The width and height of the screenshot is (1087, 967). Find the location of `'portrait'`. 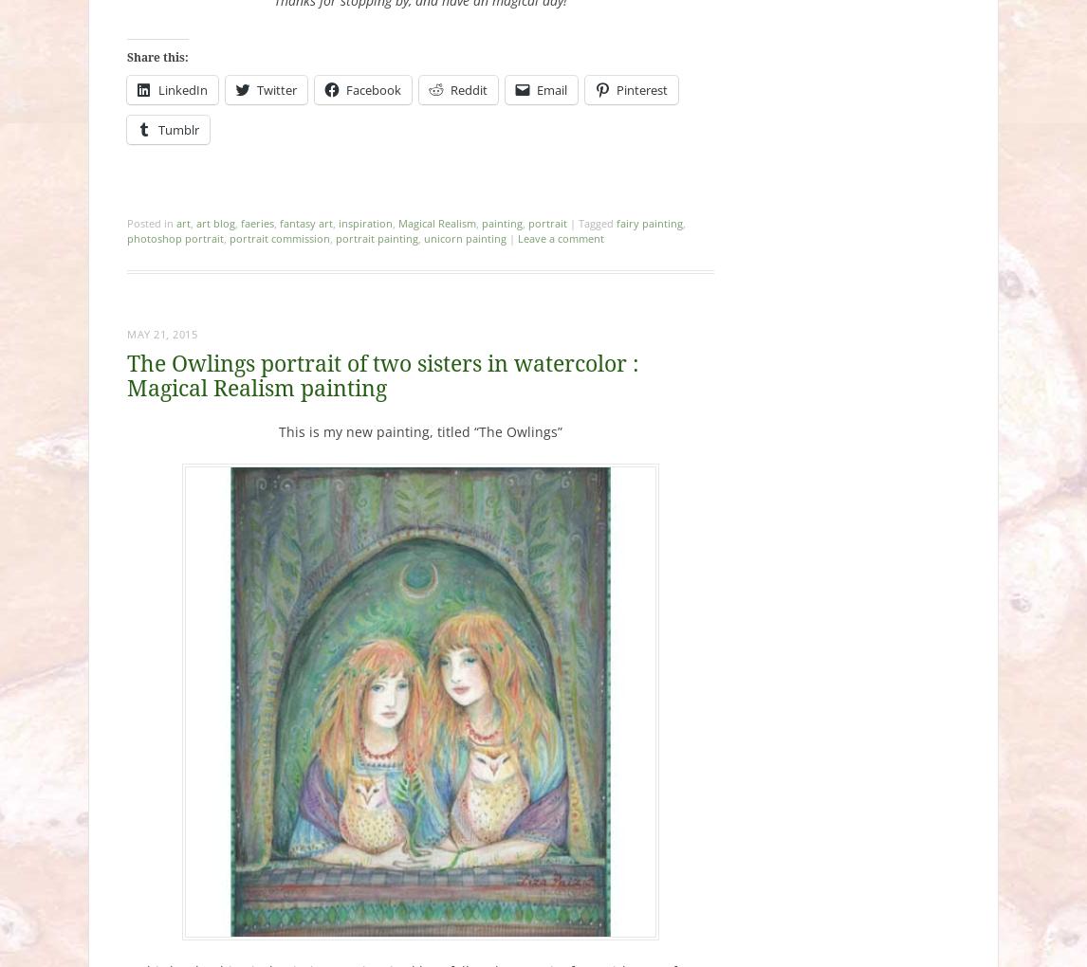

'portrait' is located at coordinates (526, 222).